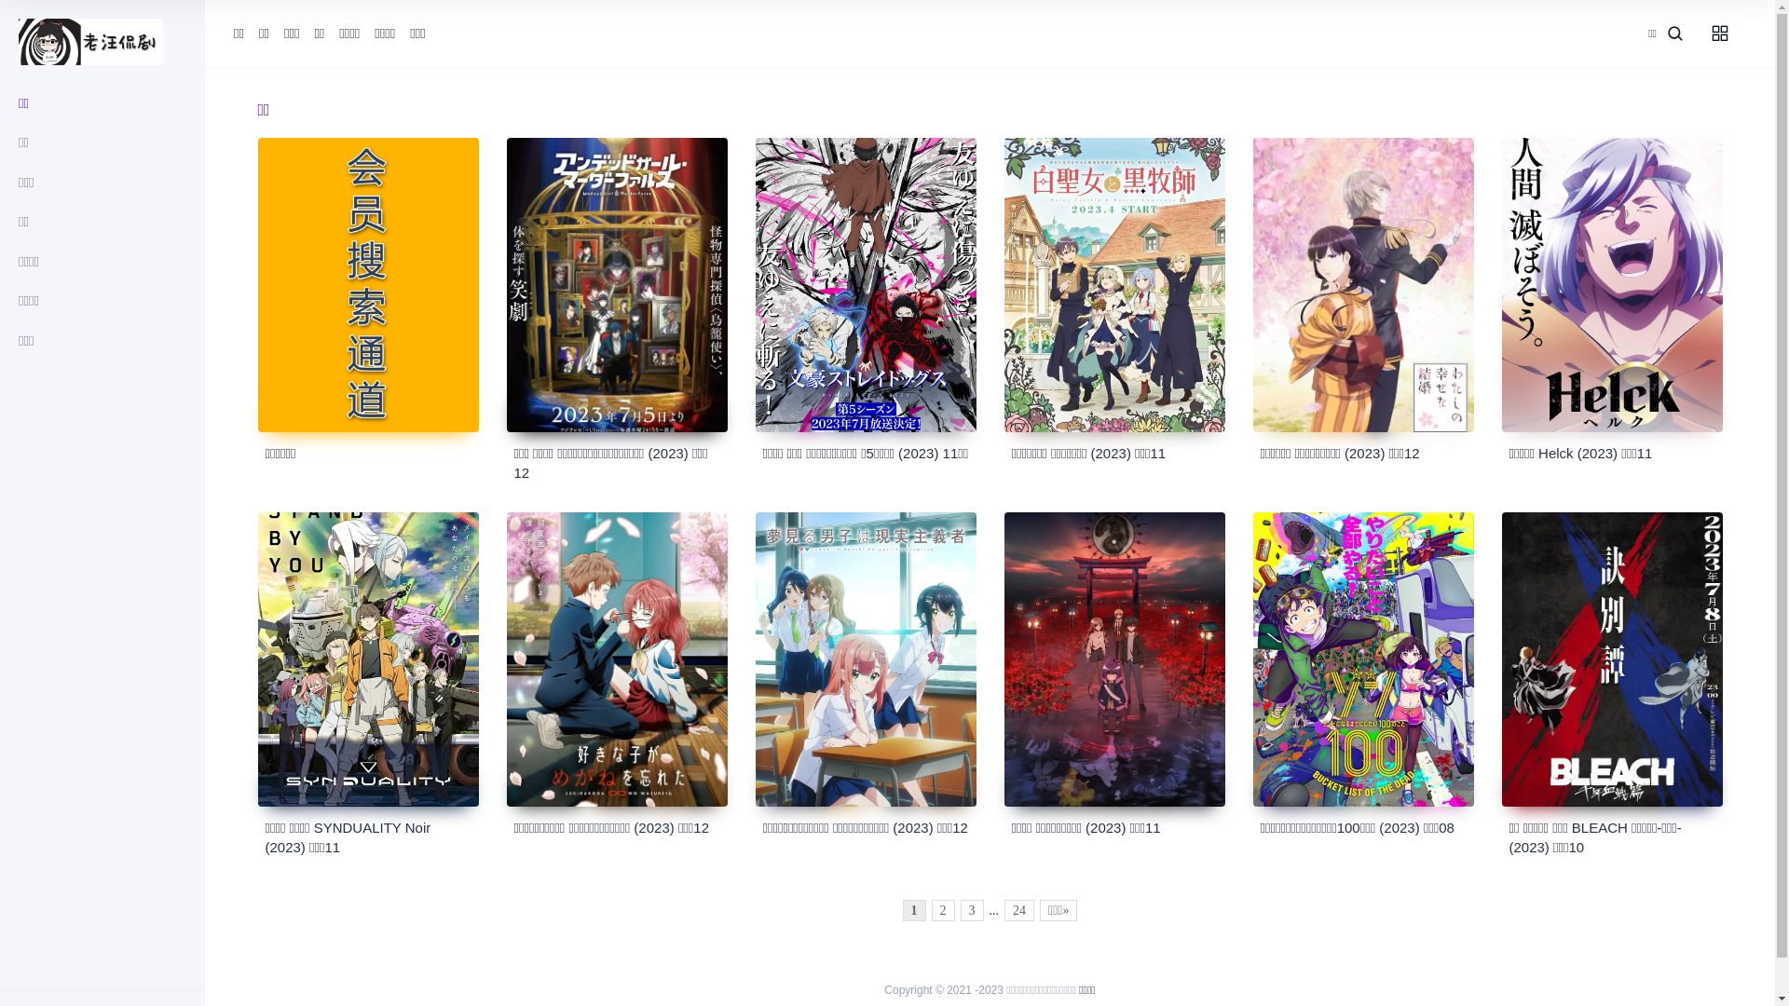  I want to click on '2', so click(943, 909).